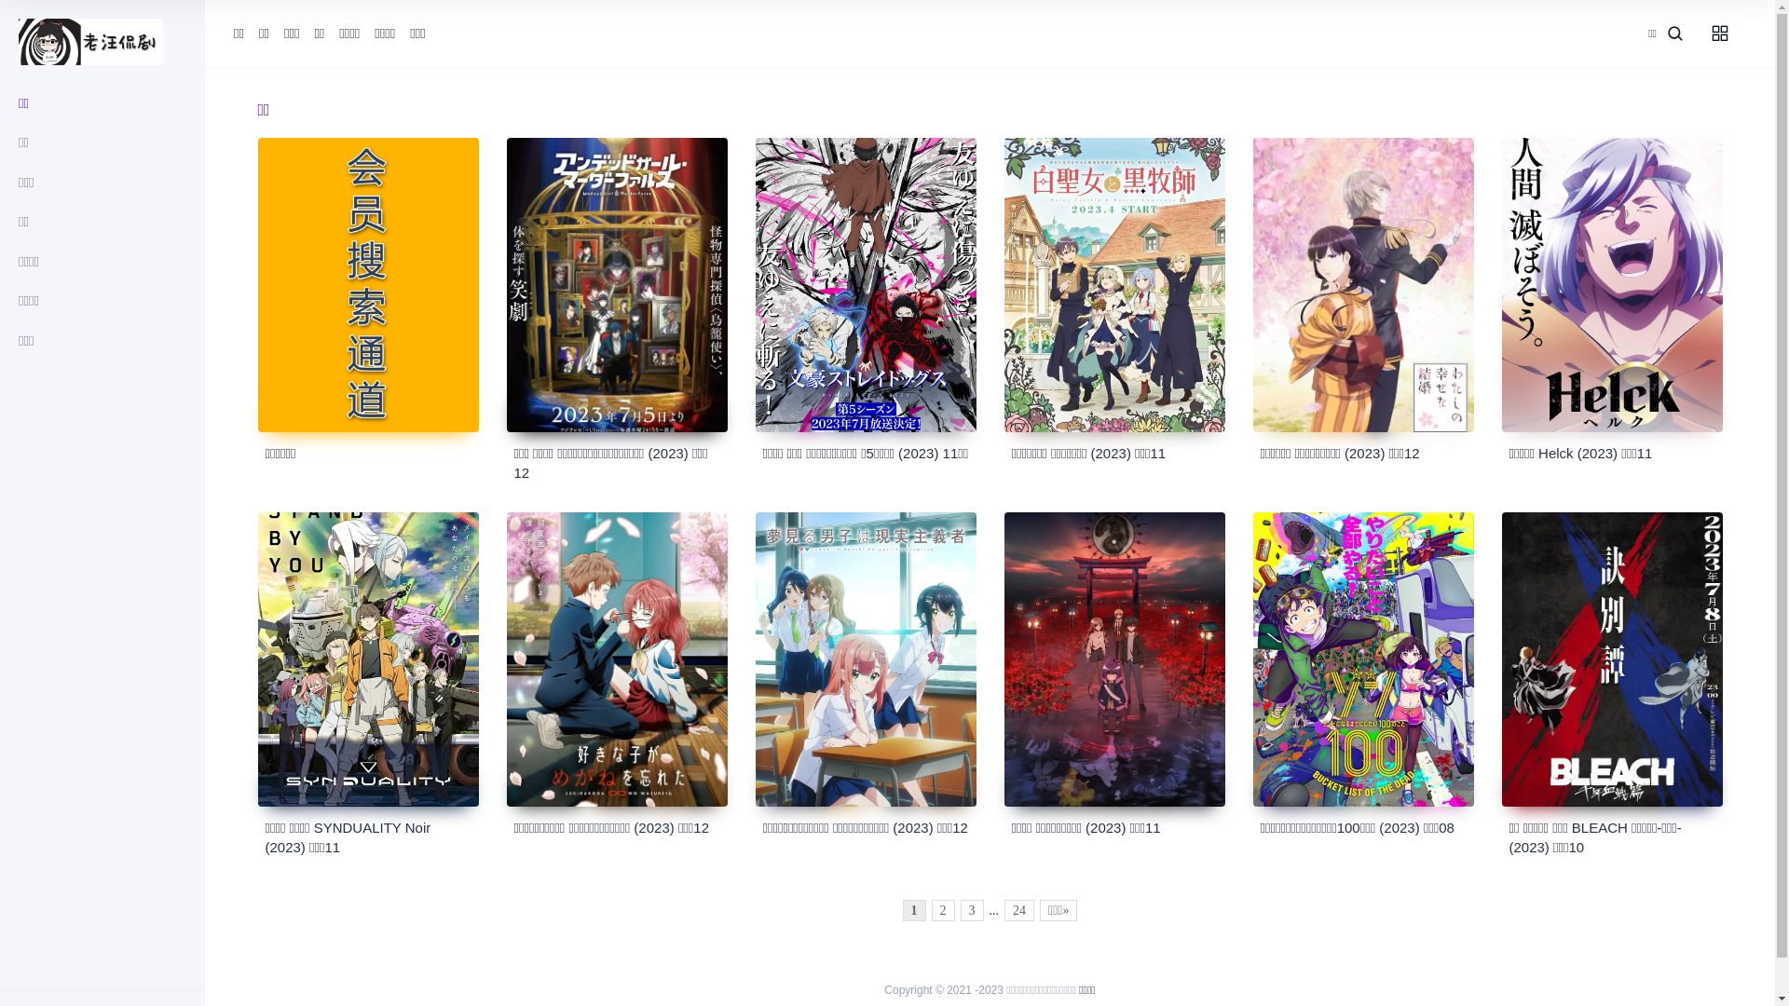  I want to click on '2', so click(943, 909).